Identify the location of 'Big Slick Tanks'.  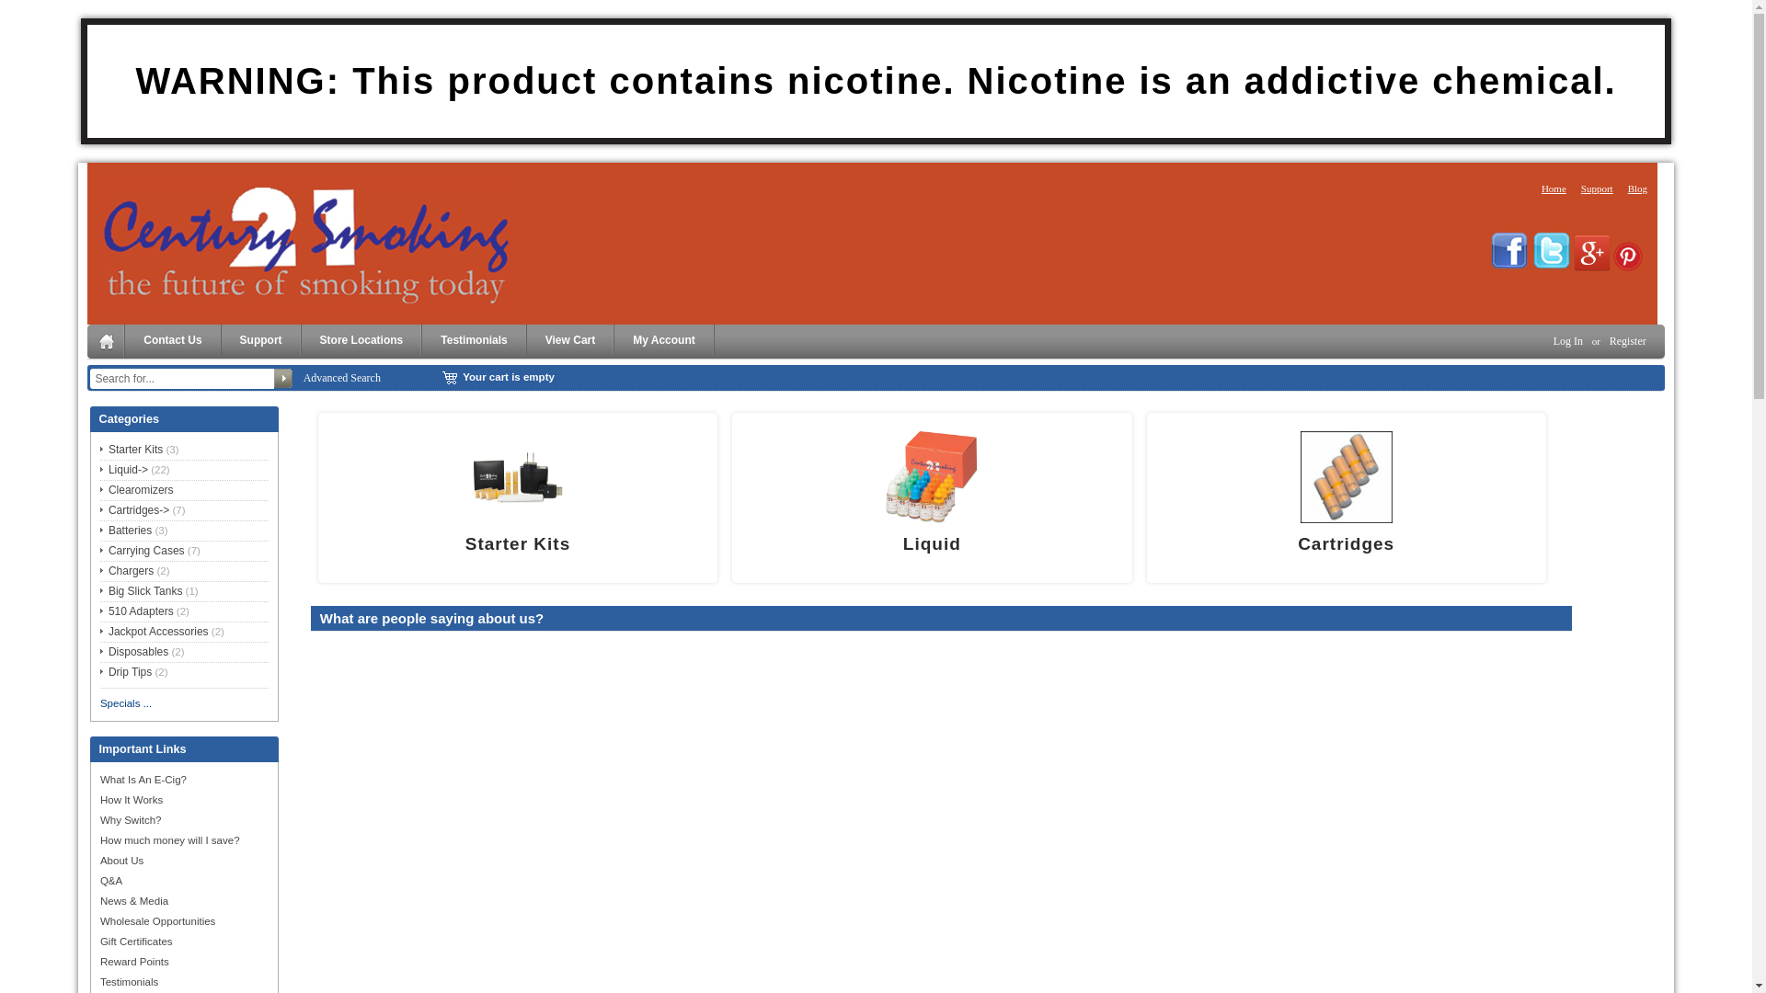
(140, 591).